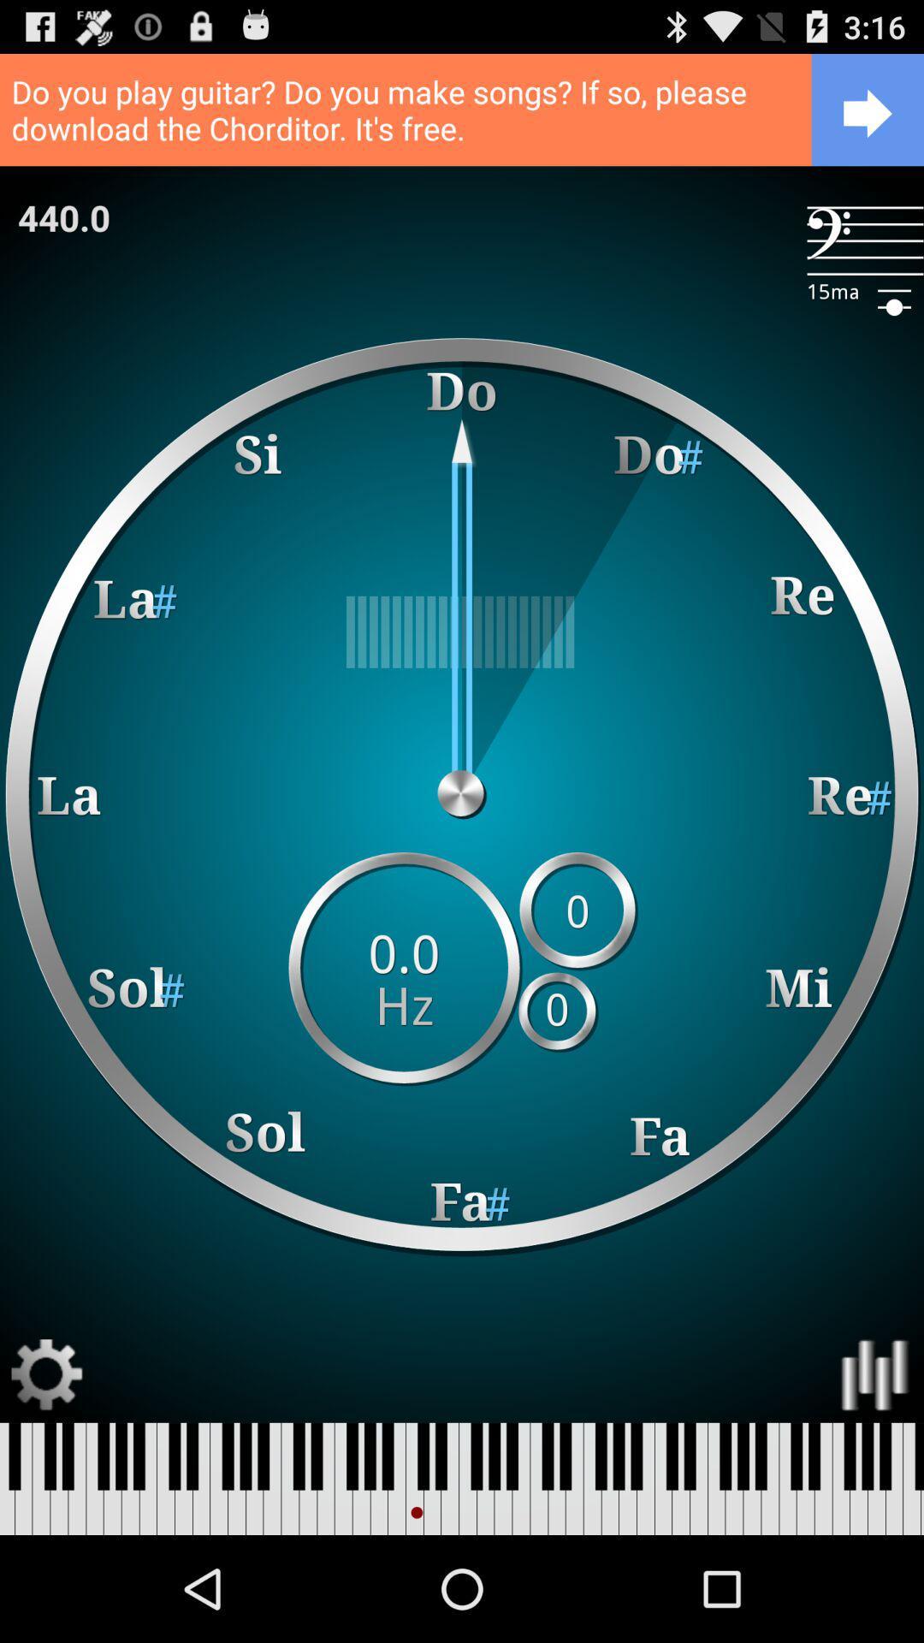 The image size is (924, 1643). What do you see at coordinates (876, 1471) in the screenshot?
I see `the pause icon` at bounding box center [876, 1471].